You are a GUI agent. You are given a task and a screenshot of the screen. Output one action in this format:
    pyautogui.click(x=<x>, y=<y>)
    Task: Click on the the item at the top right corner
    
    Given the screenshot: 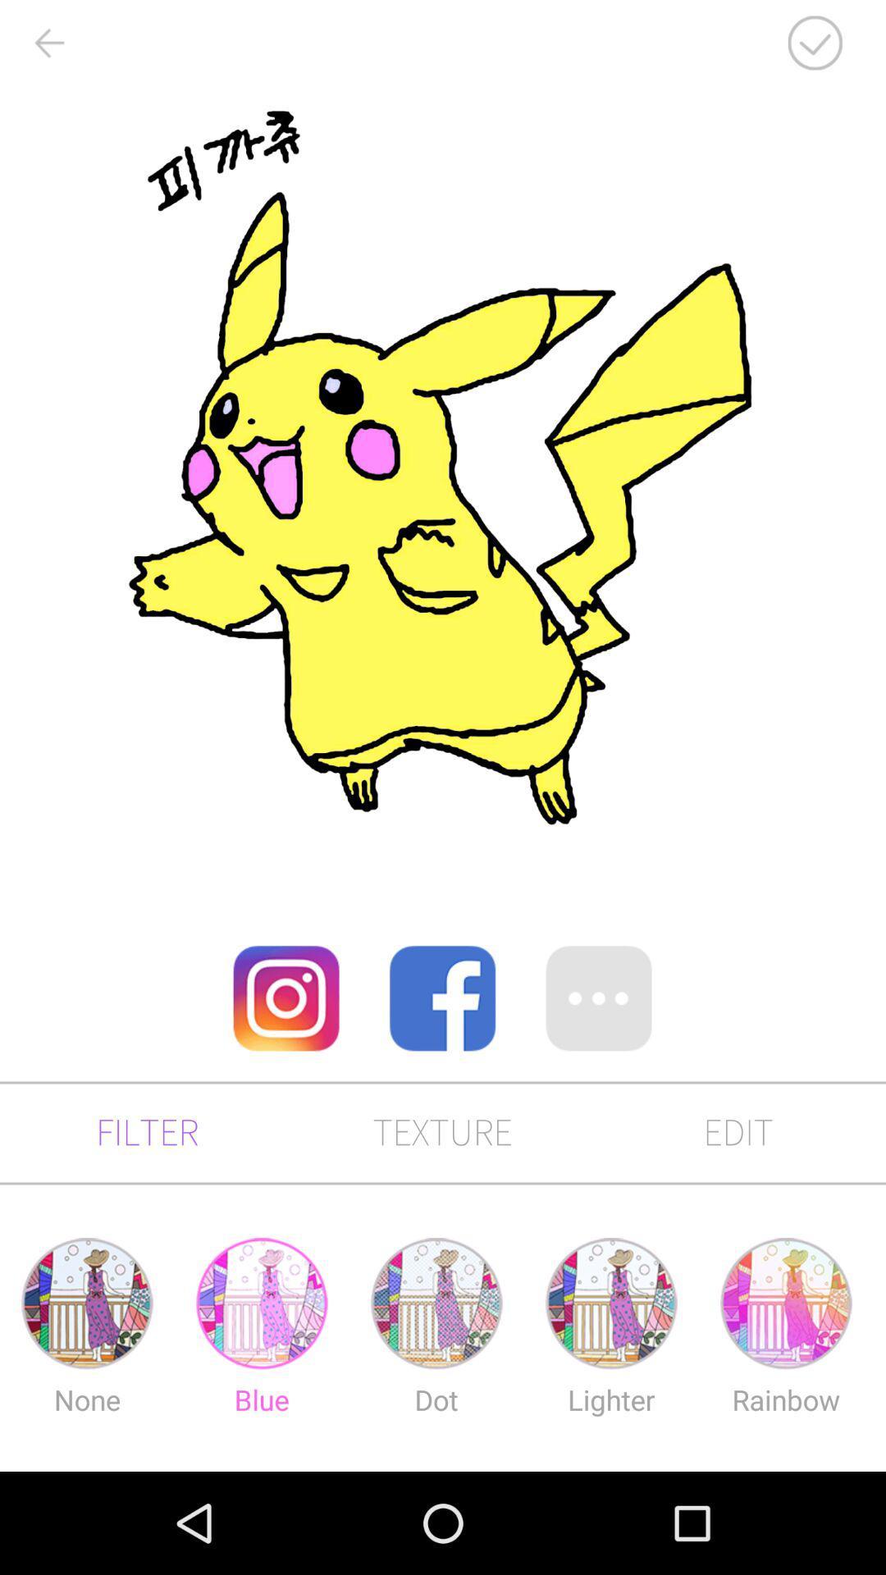 What is the action you would take?
    pyautogui.click(x=815, y=43)
    